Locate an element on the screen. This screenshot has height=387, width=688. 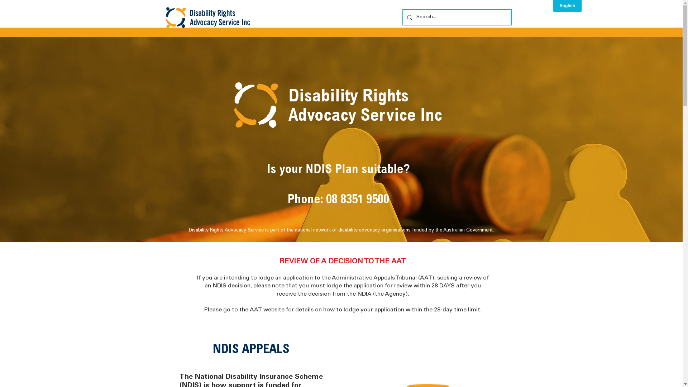
' AAT' is located at coordinates (254, 309).